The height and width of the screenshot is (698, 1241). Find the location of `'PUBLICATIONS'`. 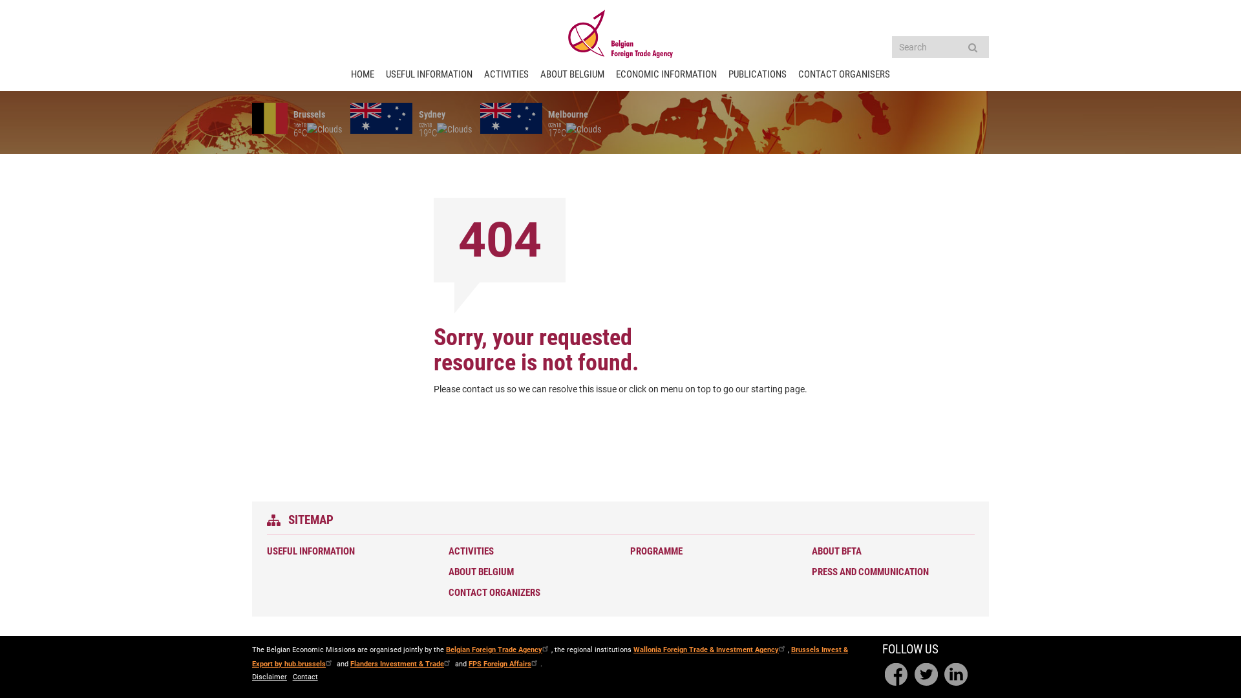

'PUBLICATIONS' is located at coordinates (728, 74).